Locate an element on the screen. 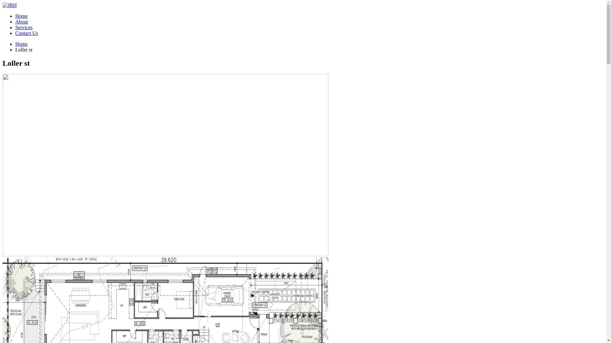 Image resolution: width=611 pixels, height=343 pixels. 'About' is located at coordinates (21, 21).